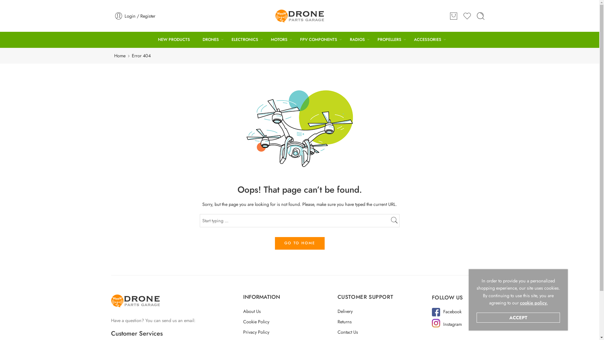 This screenshot has width=604, height=340. I want to click on 'ACCEPT', so click(518, 318).